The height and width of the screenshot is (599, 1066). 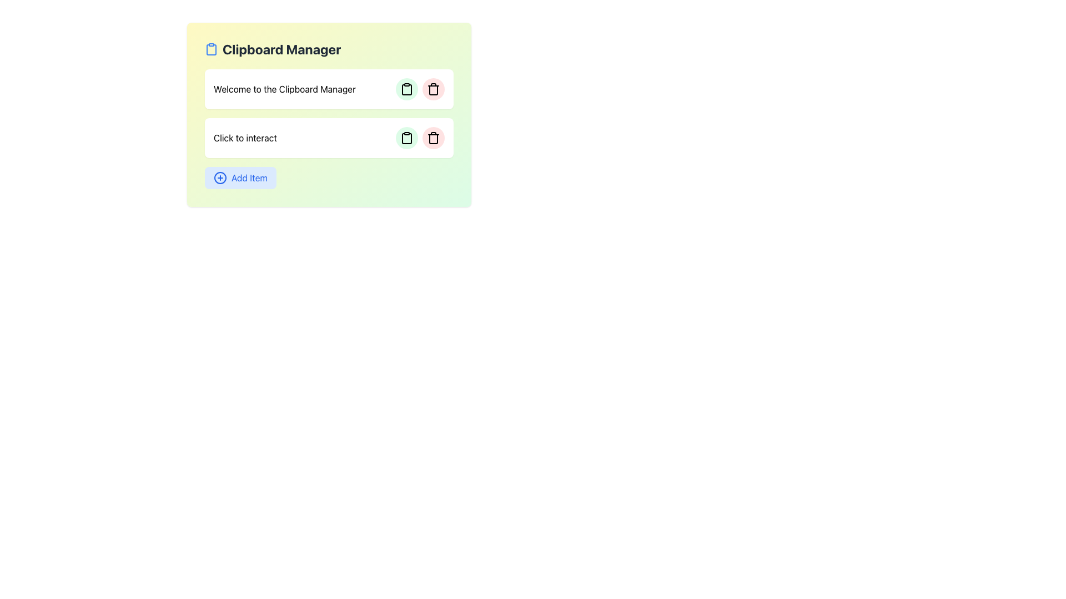 What do you see at coordinates (433, 89) in the screenshot?
I see `the delete button located to the right of the green clipboard icon in the horizontal layout of interactive buttons on the right side of the white card` at bounding box center [433, 89].